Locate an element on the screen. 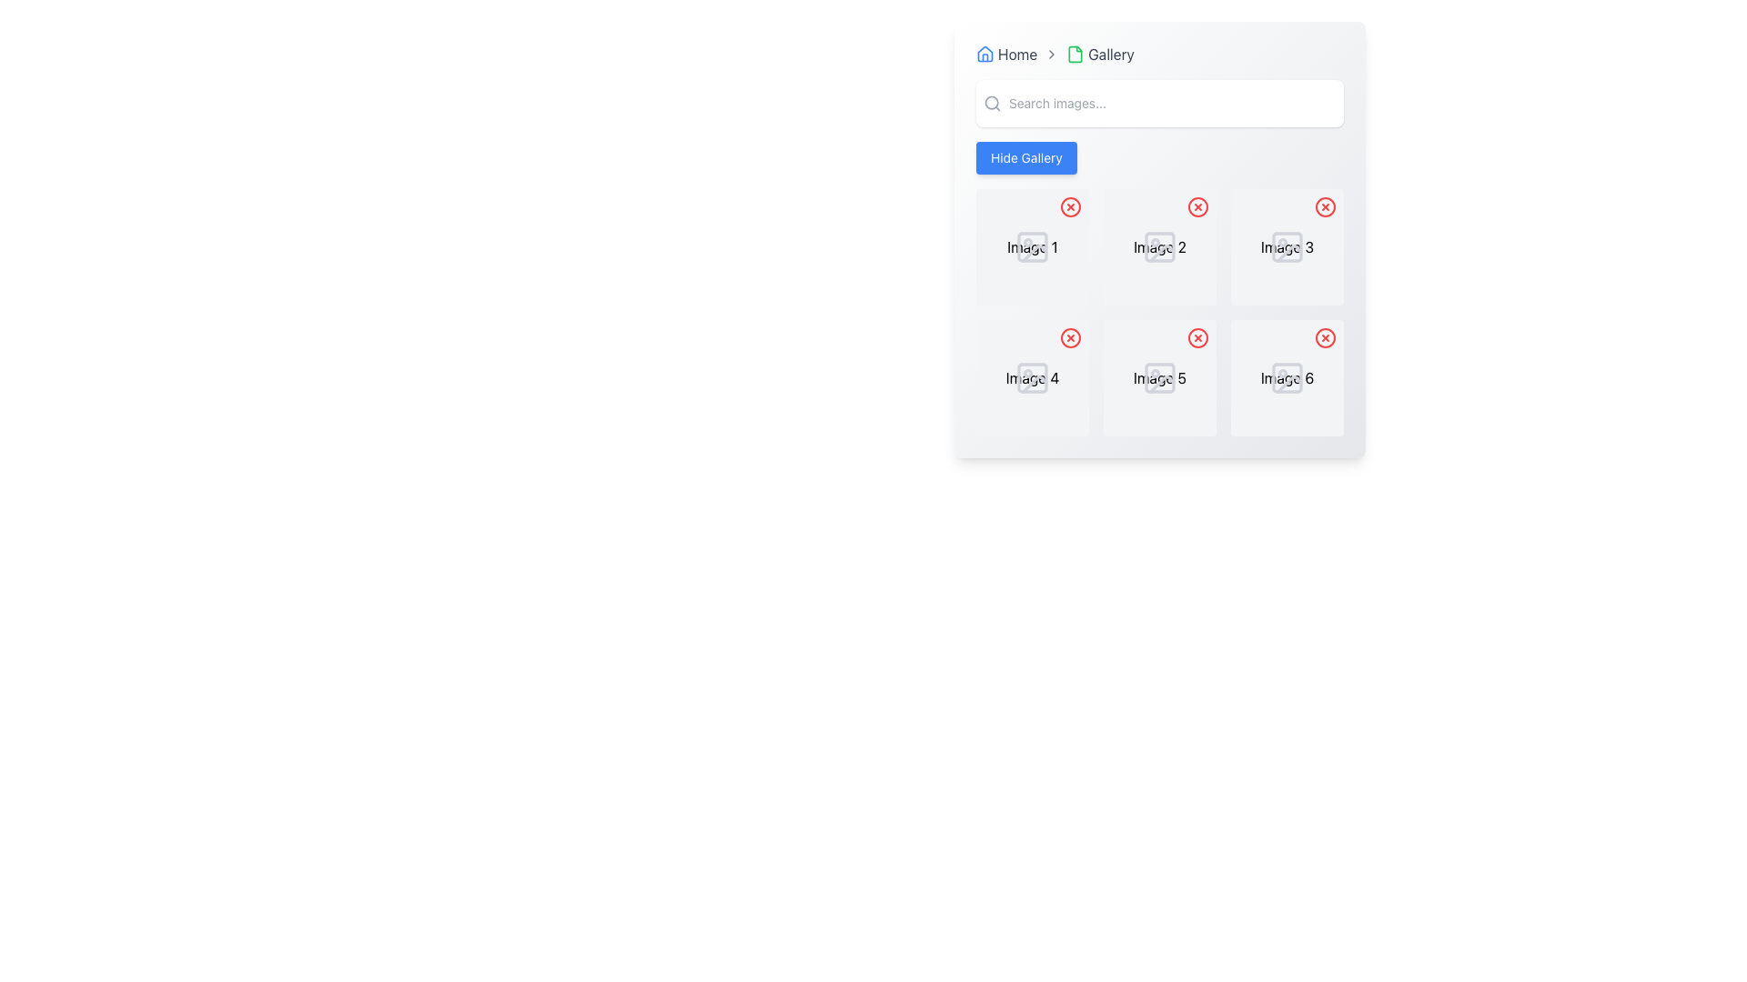  text label displaying 'Image 6', located at the bottom center of the last grid cell in a 2x3 layout is located at coordinates (1287, 377).